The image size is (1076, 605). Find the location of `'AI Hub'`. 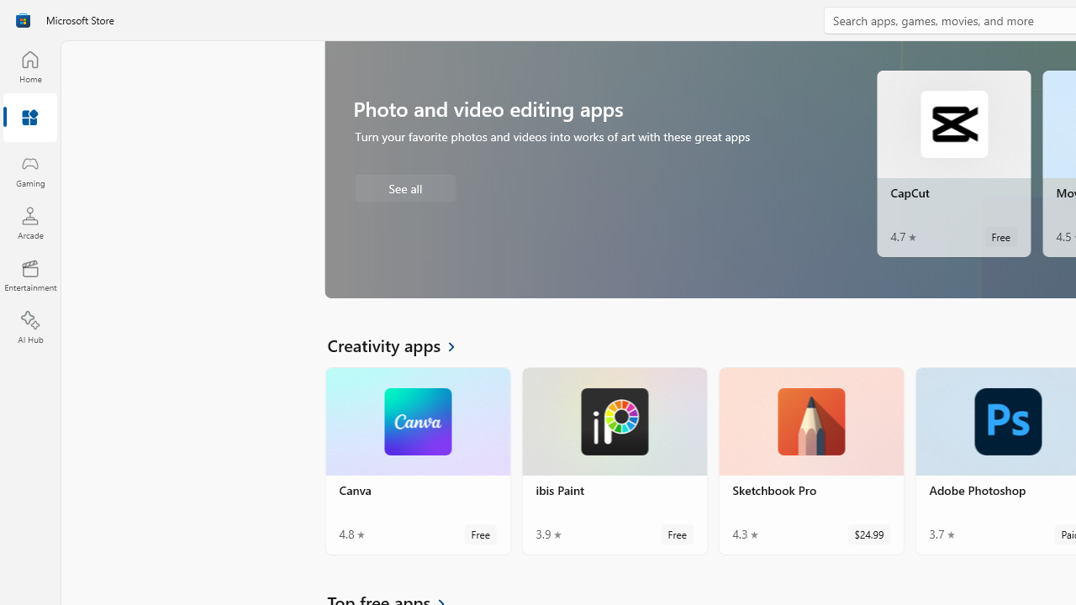

'AI Hub' is located at coordinates (29, 328).